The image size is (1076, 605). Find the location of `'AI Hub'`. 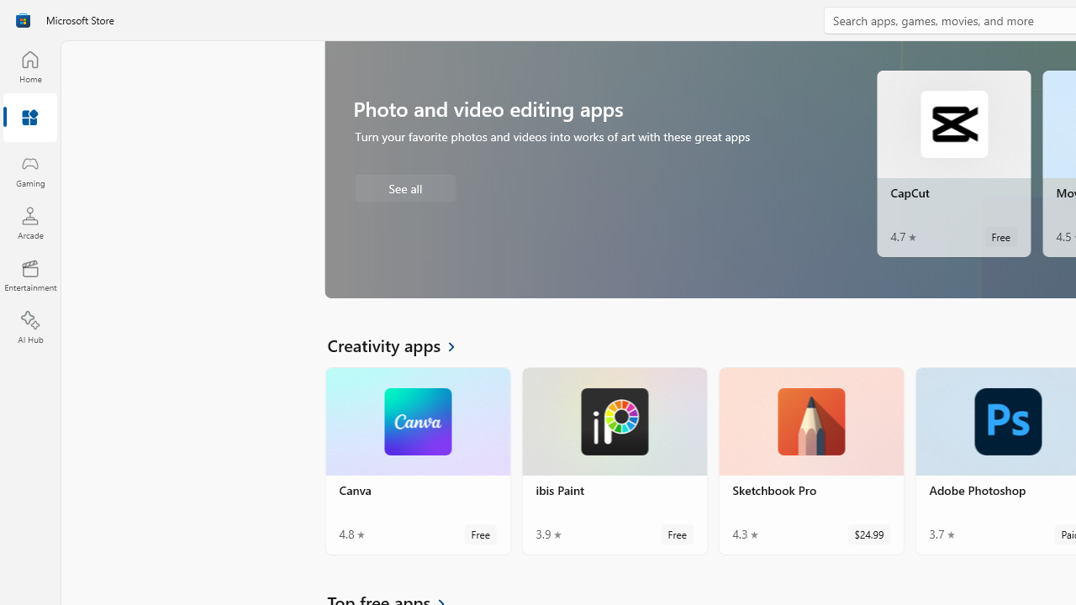

'AI Hub' is located at coordinates (29, 328).